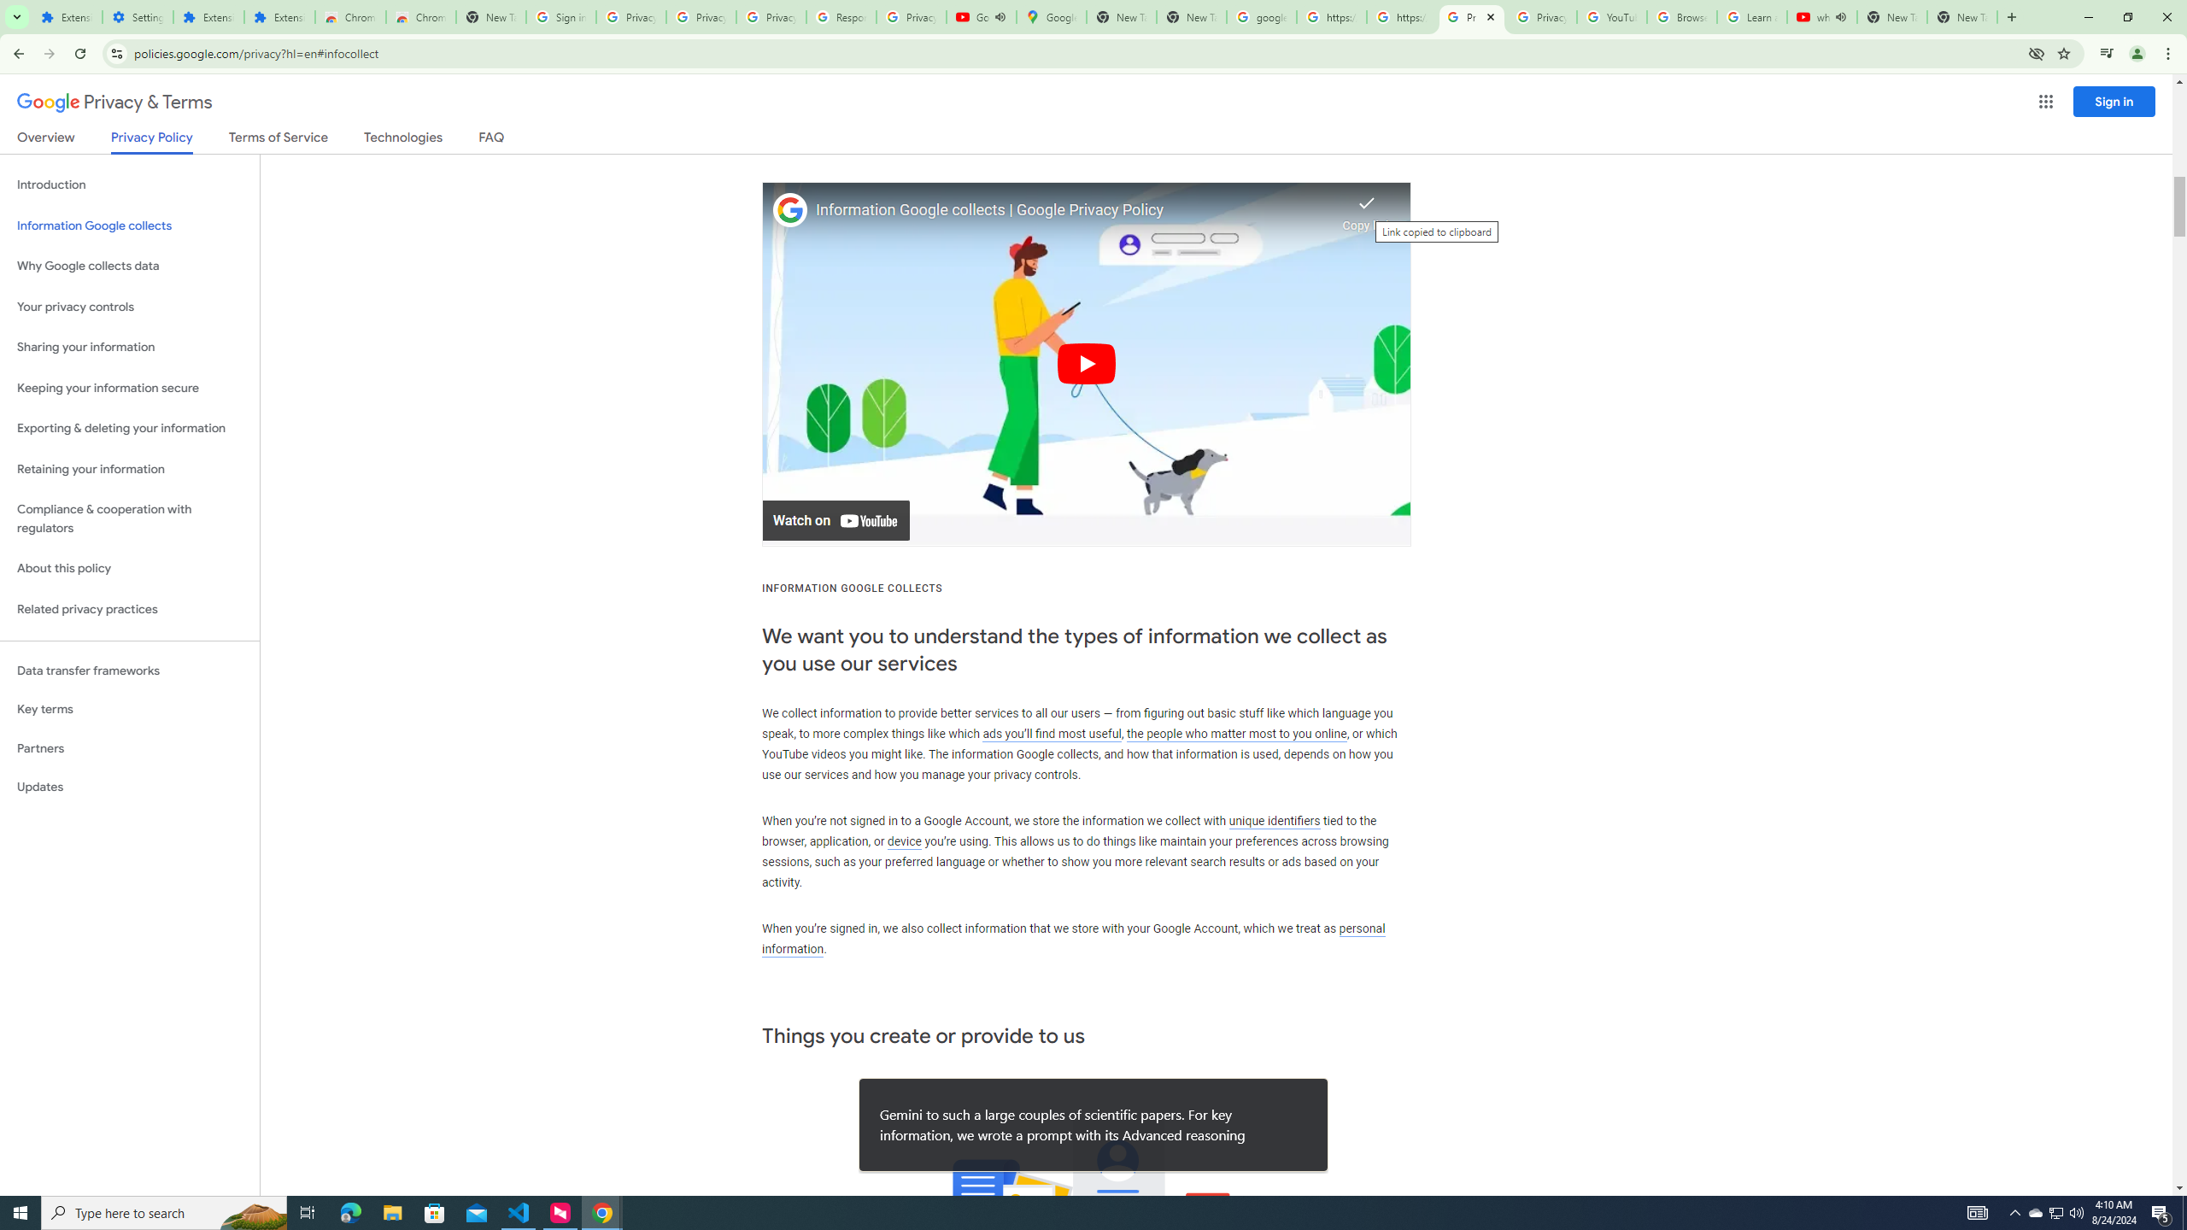  Describe the element at coordinates (1051, 16) in the screenshot. I see `'Google Maps'` at that location.